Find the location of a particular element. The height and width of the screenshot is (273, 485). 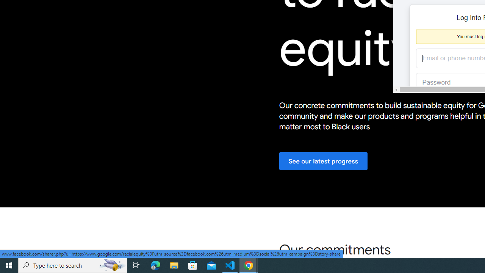

'Microsoft Store' is located at coordinates (193, 265).